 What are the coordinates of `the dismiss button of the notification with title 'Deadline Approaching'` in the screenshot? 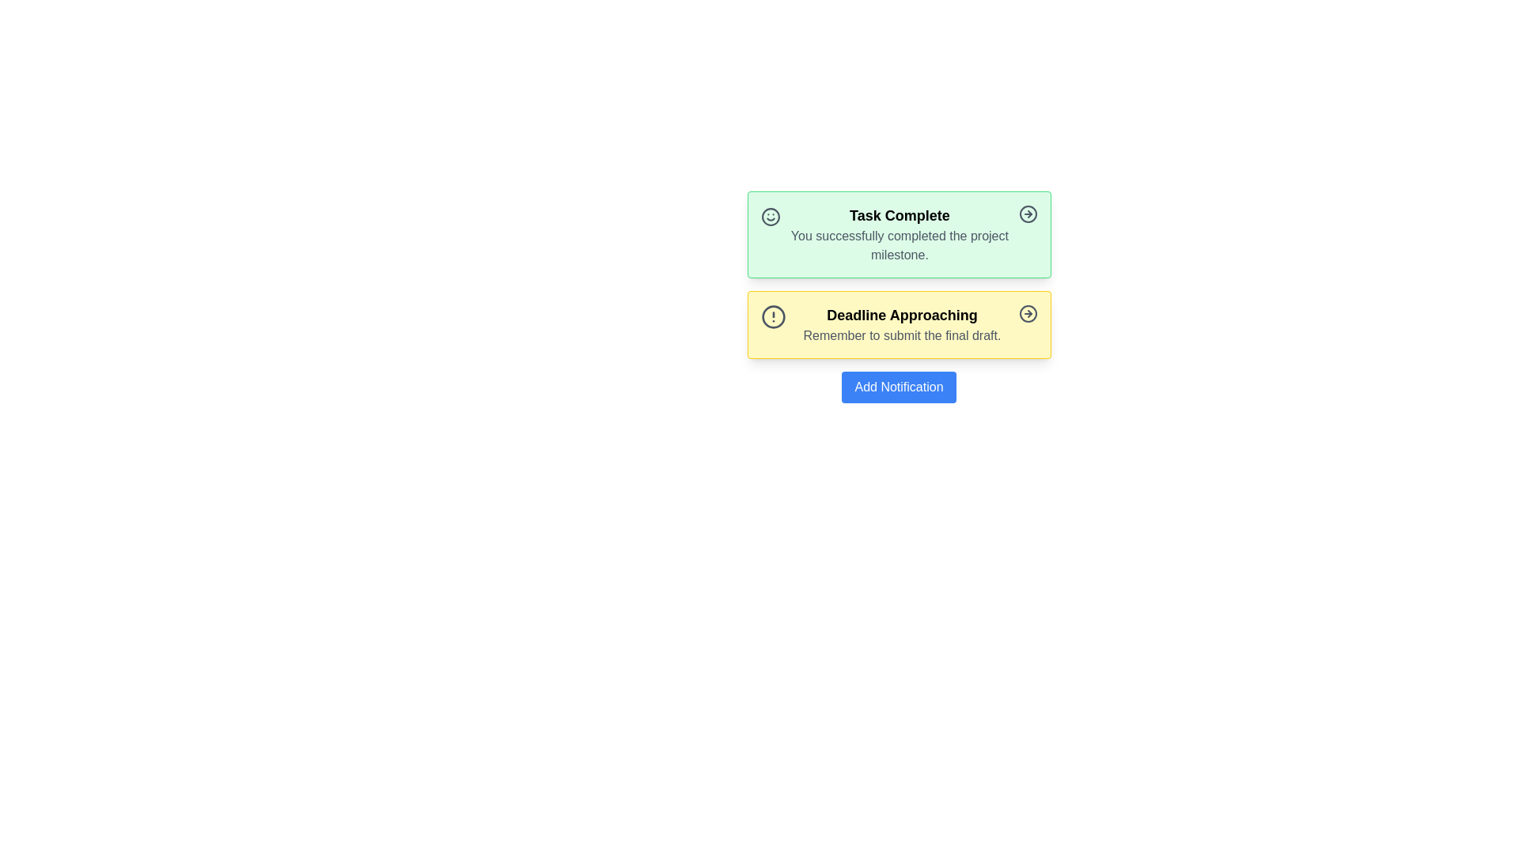 It's located at (1028, 314).